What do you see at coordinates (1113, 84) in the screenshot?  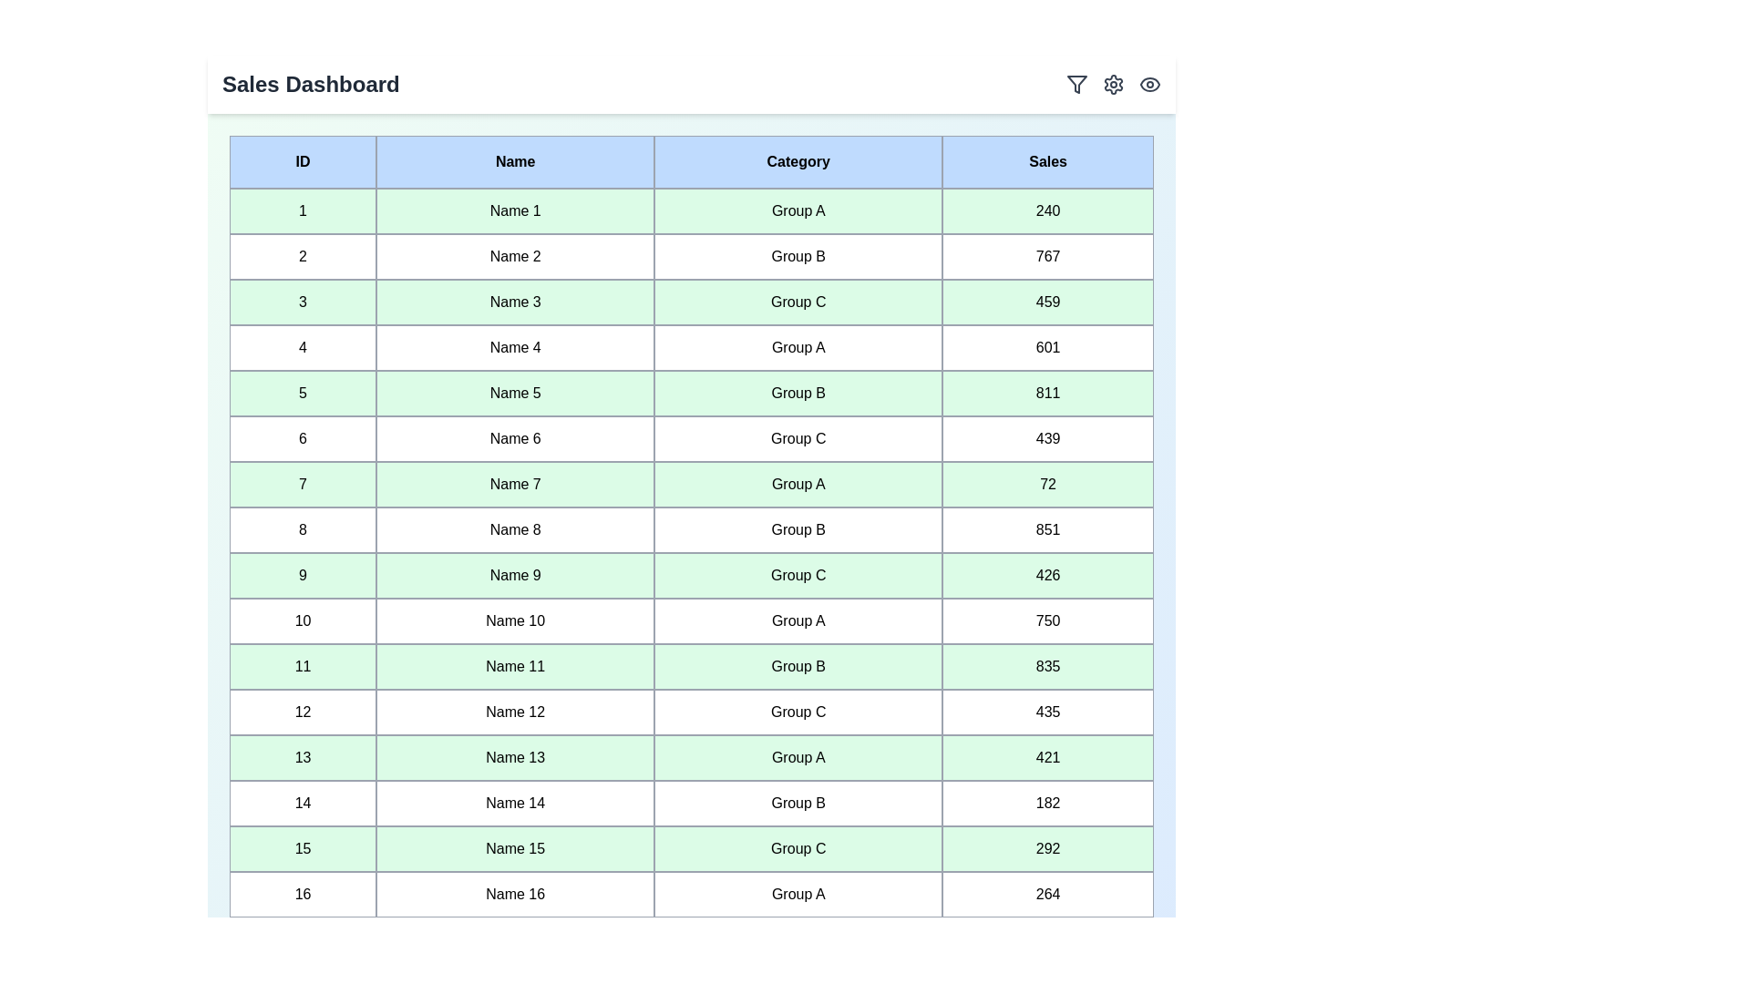 I see `the settings icon to open the table settings` at bounding box center [1113, 84].